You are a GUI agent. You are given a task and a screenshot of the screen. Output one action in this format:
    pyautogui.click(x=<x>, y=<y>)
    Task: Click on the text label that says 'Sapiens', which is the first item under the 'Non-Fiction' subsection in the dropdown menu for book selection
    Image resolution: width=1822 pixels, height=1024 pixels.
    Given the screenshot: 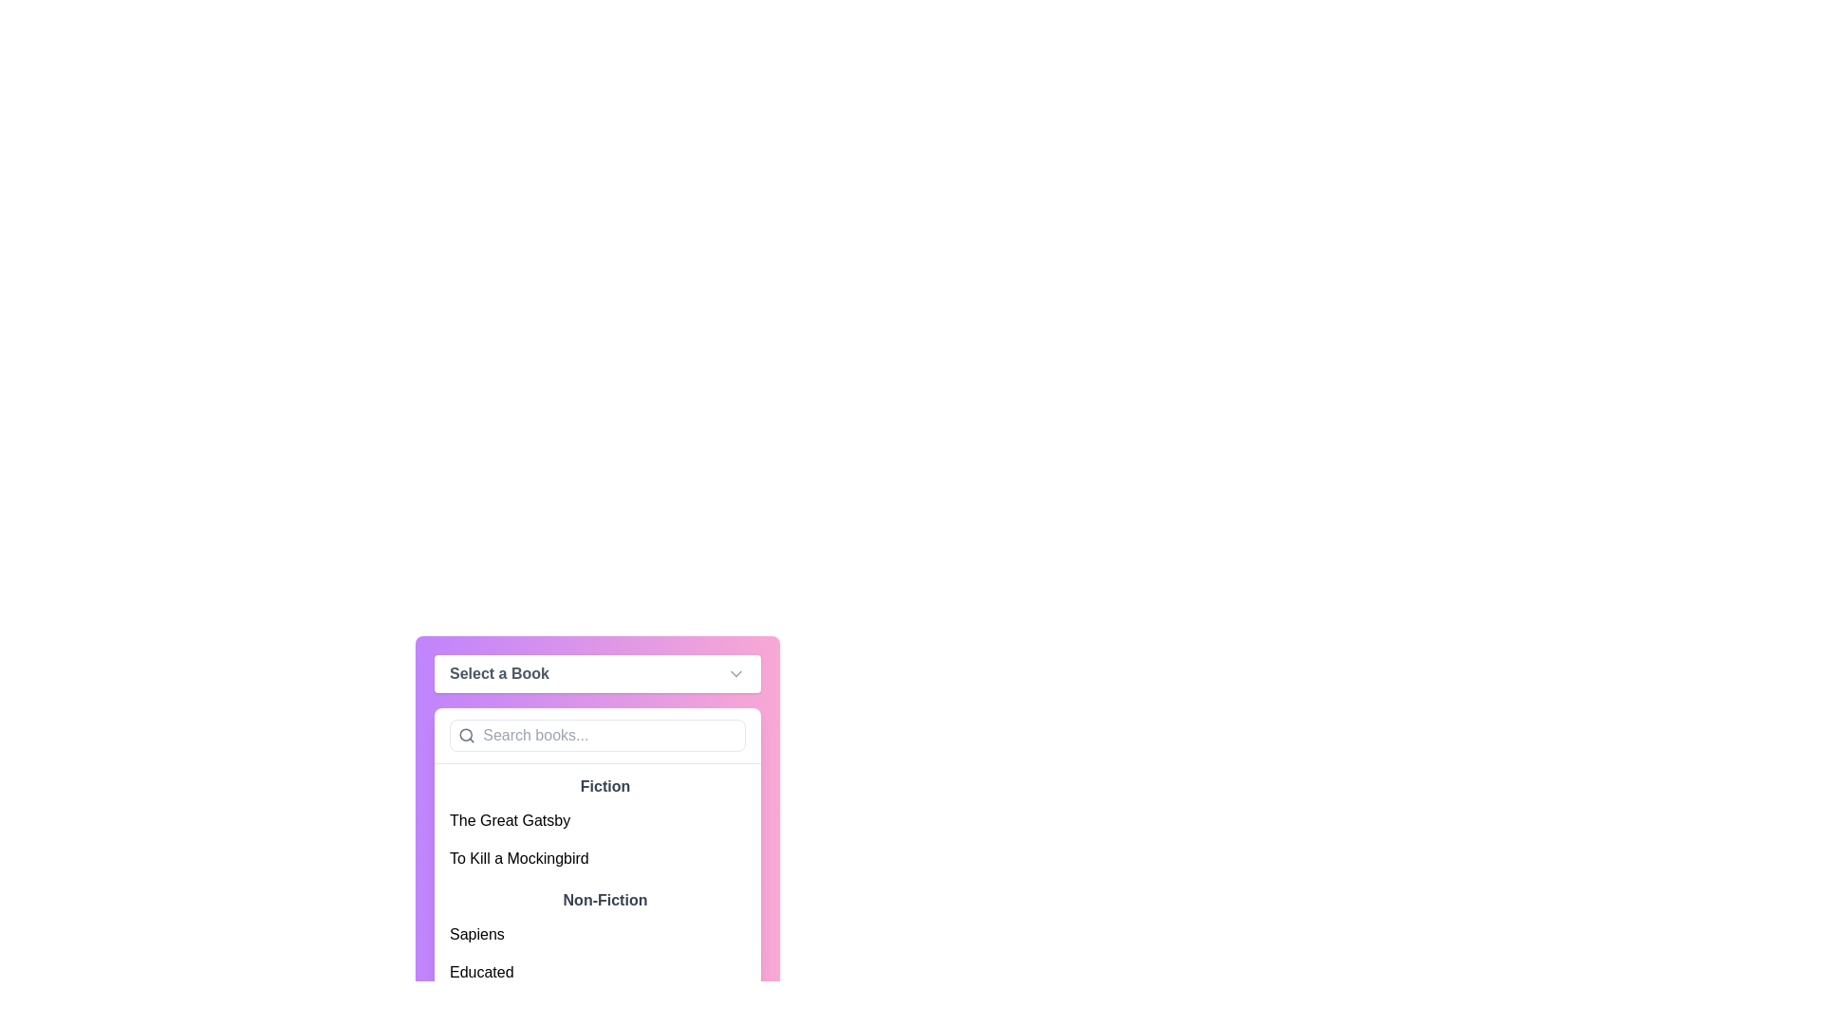 What is the action you would take?
    pyautogui.click(x=476, y=934)
    